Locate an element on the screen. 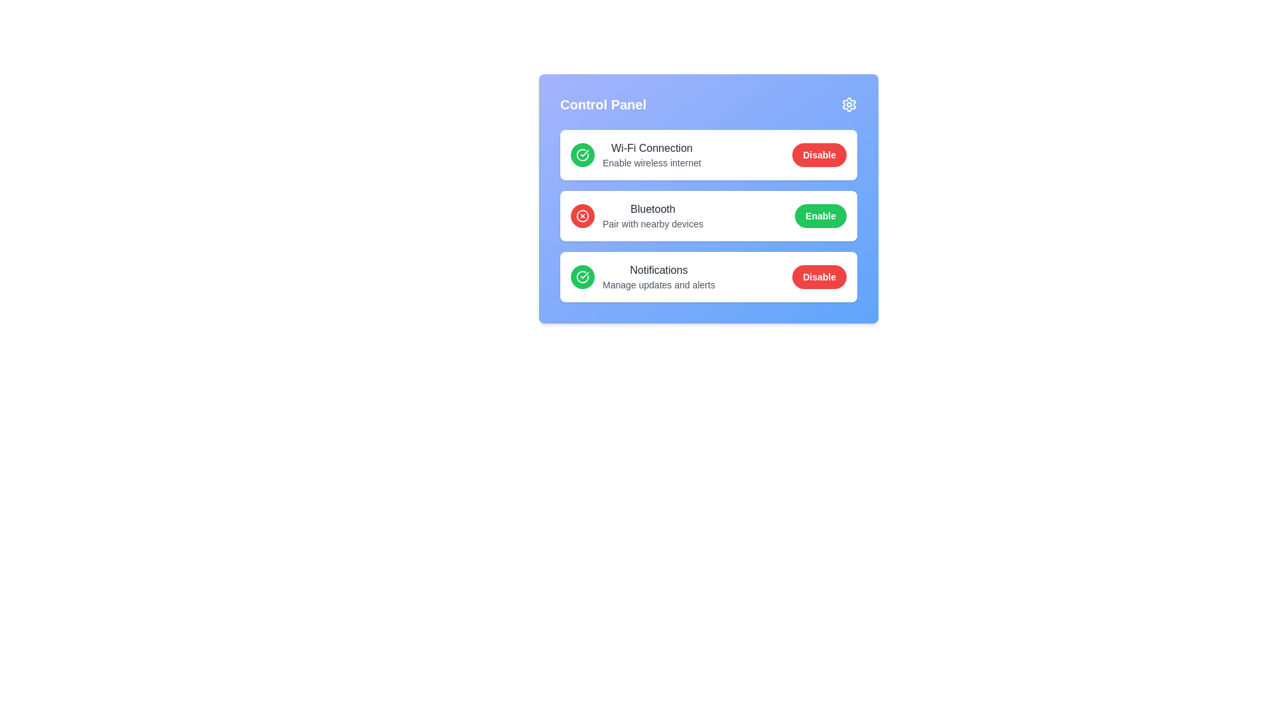 This screenshot has height=716, width=1273. the settings icon at the top right of the MultiFunctionPanel is located at coordinates (849, 104).